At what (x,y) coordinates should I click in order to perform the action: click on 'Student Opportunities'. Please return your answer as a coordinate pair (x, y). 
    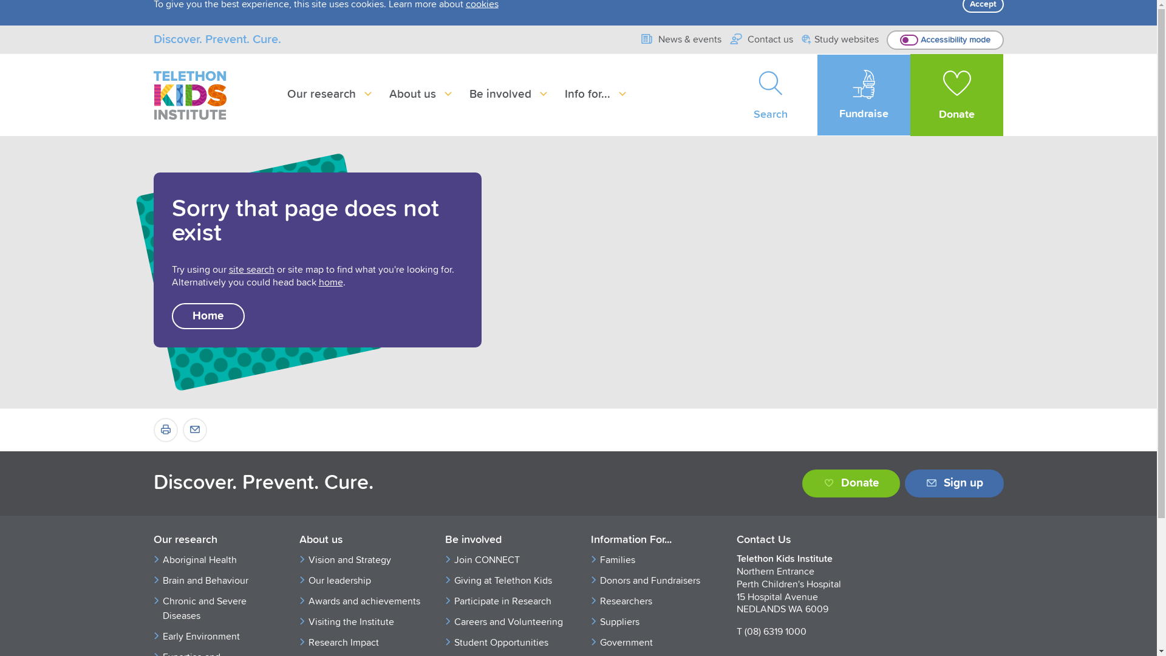
    Looking at the image, I should click on (454, 641).